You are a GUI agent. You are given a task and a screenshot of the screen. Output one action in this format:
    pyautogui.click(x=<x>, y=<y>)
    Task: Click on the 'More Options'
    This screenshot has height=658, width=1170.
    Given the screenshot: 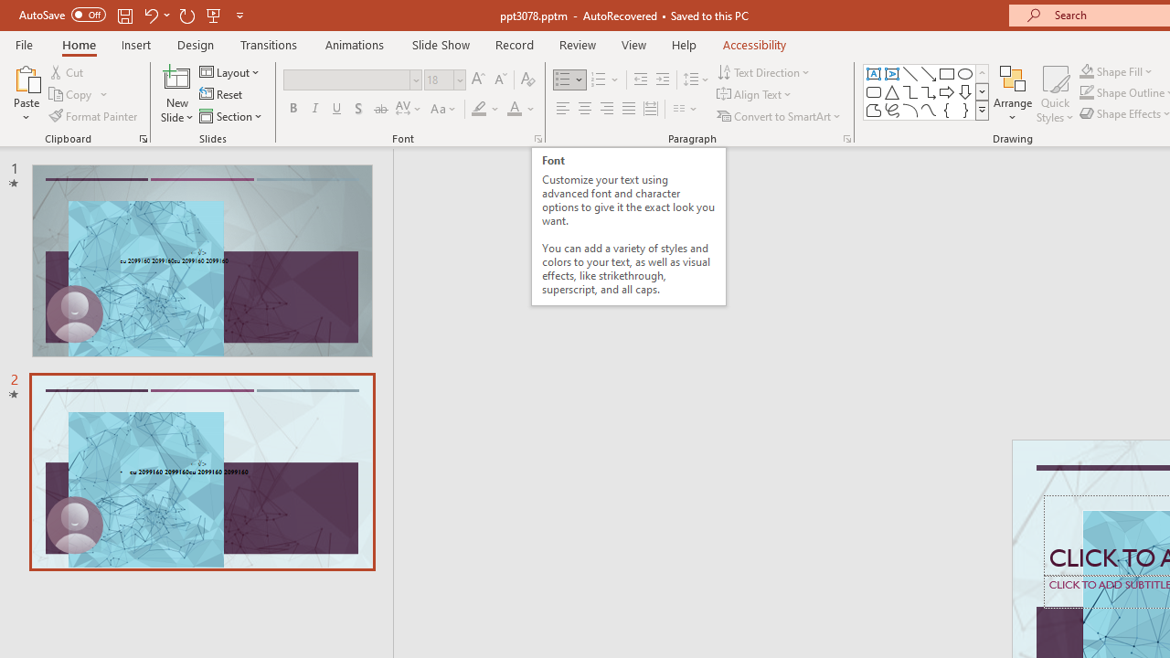 What is the action you would take?
    pyautogui.click(x=1126, y=70)
    